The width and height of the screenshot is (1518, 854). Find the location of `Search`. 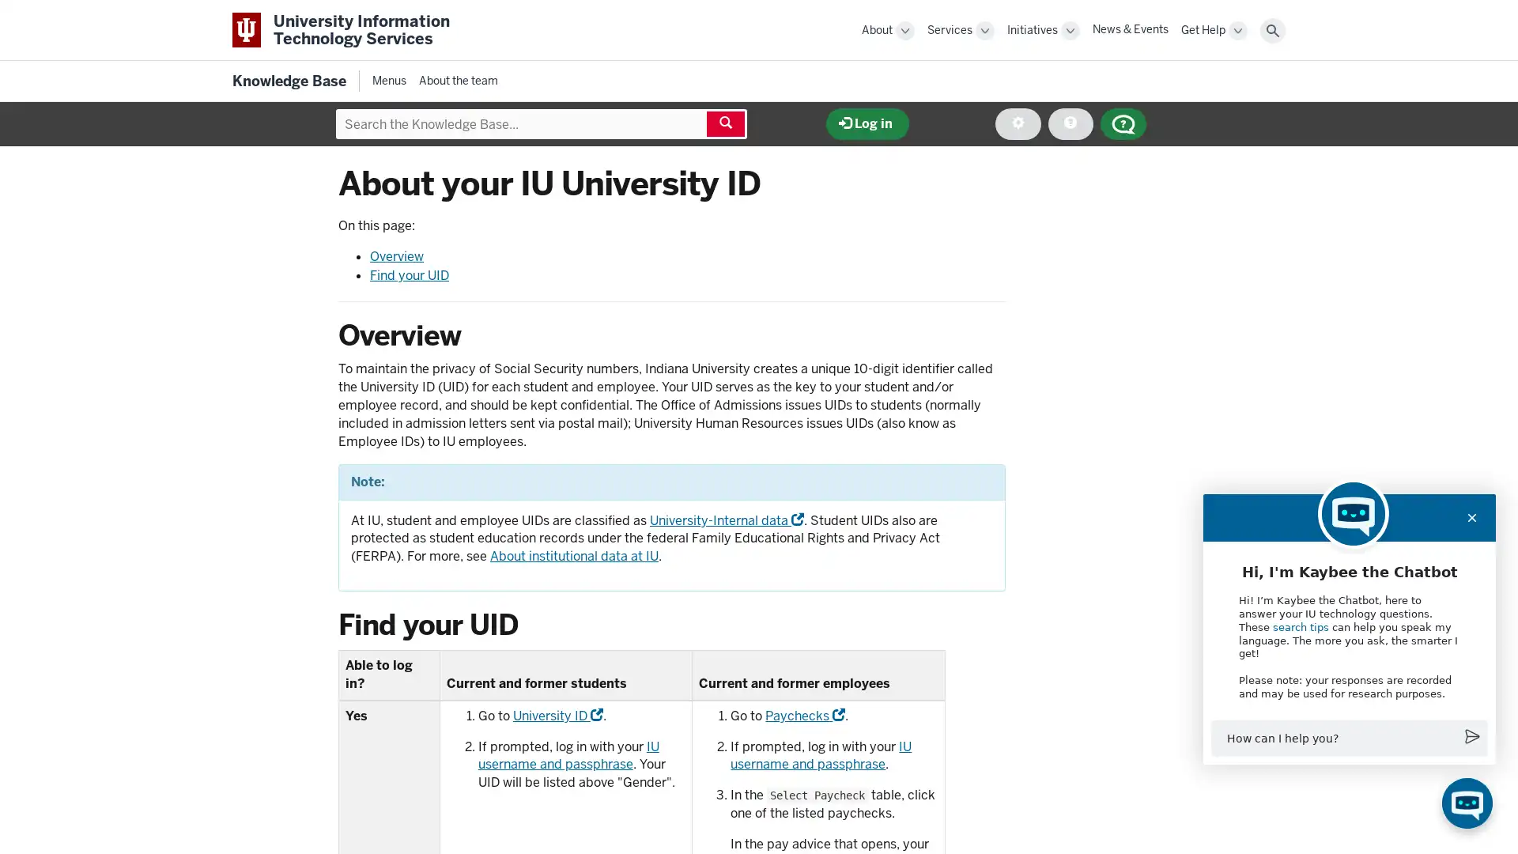

Search is located at coordinates (1272, 30).